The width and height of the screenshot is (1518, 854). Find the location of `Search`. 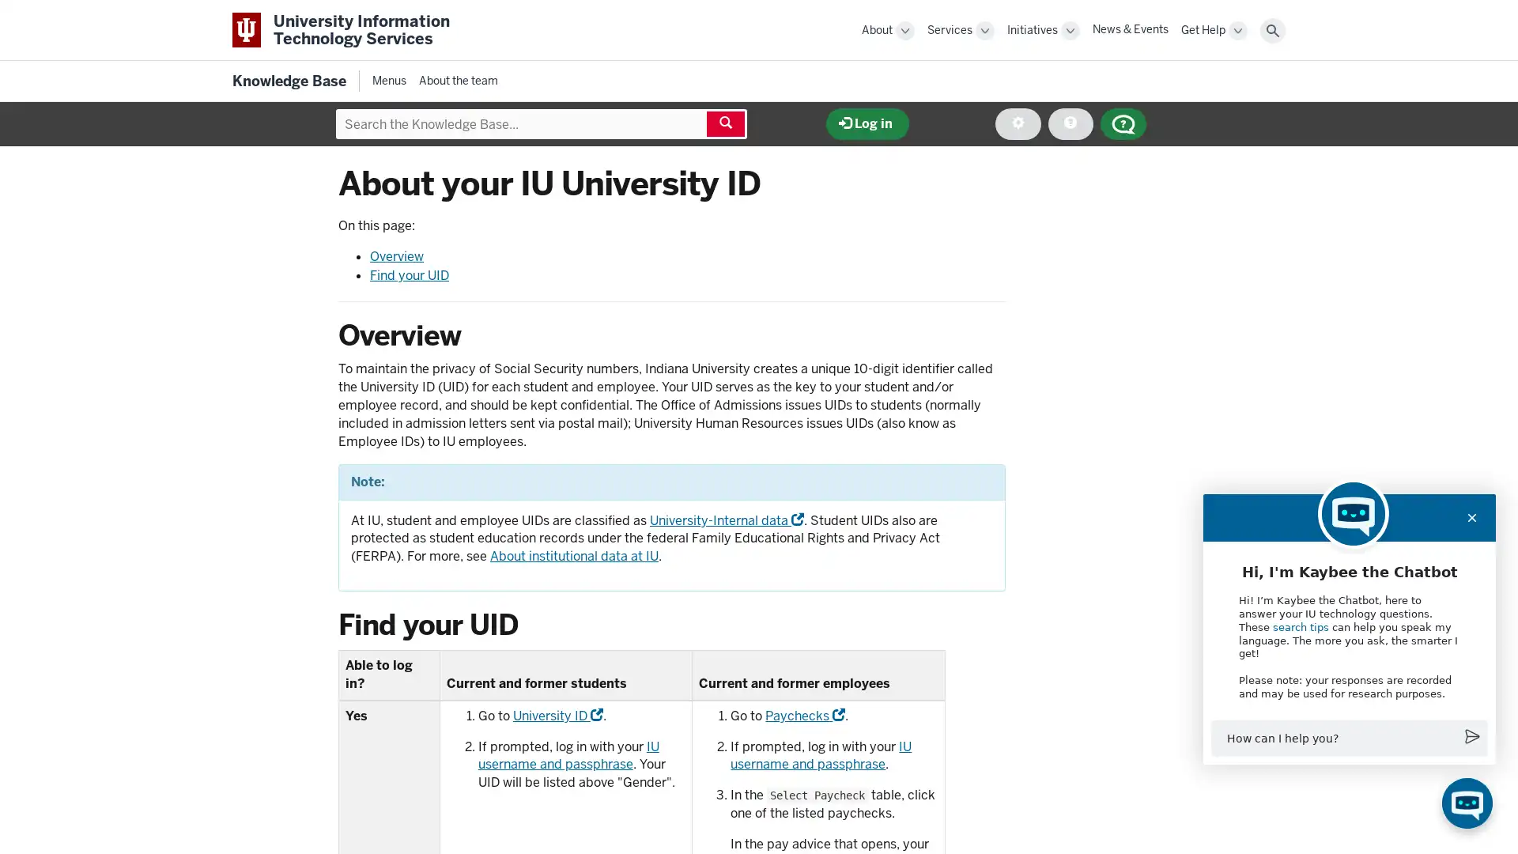

Search is located at coordinates (1272, 30).